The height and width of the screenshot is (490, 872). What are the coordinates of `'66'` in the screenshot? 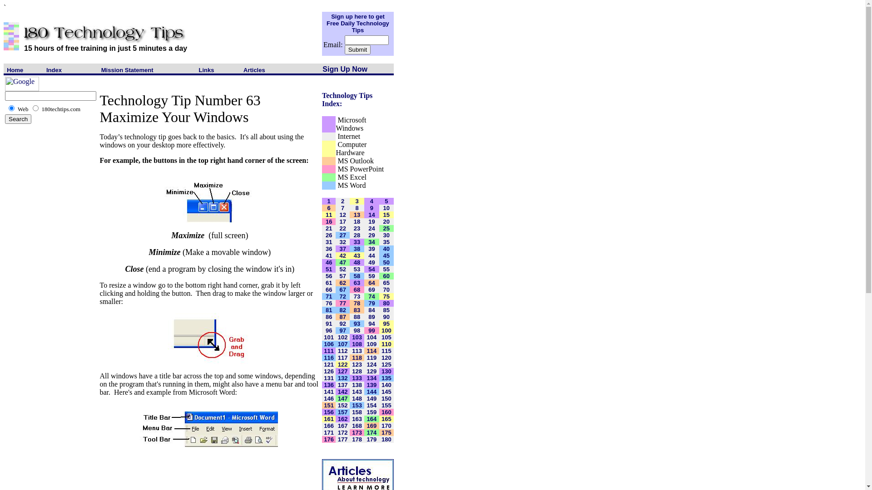 It's located at (328, 289).